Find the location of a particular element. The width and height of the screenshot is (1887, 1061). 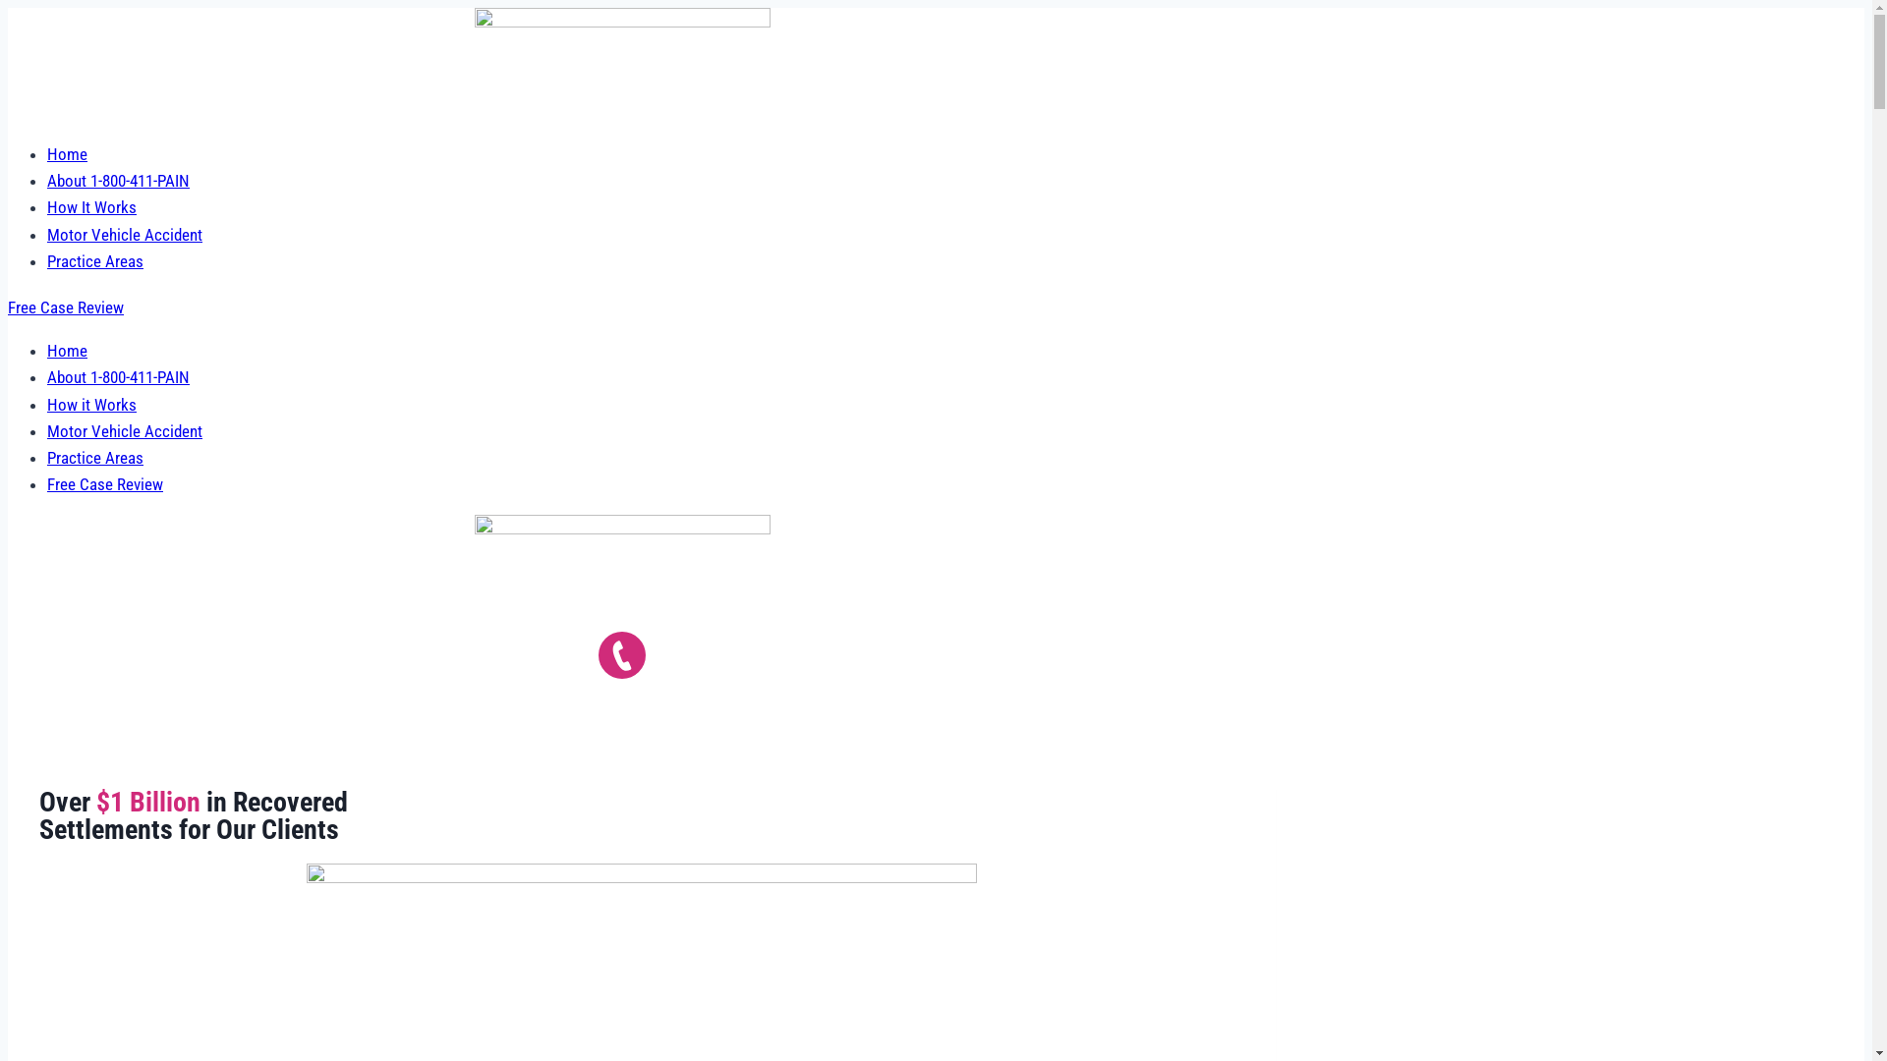

'About 1-800-411-PAIN' is located at coordinates (47, 181).